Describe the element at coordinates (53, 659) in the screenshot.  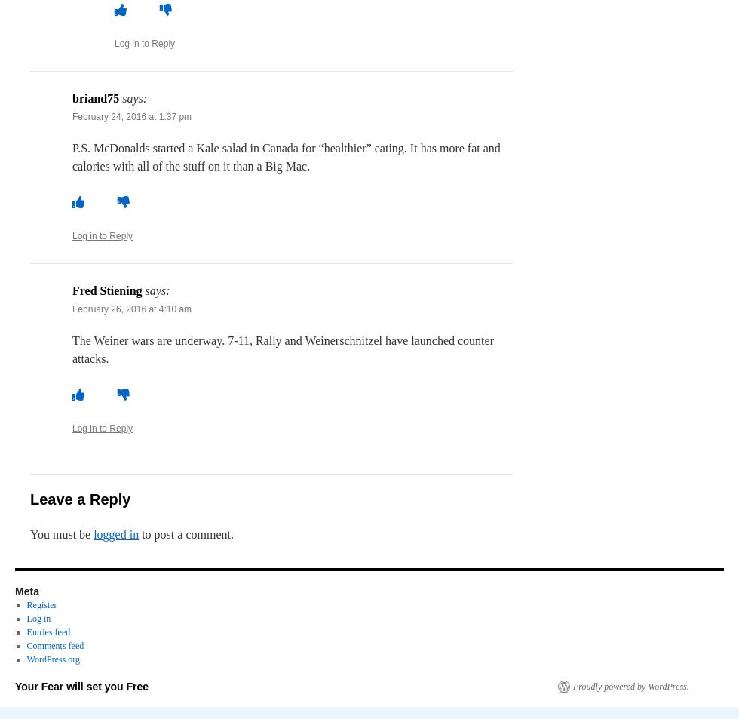
I see `'WordPress.org'` at that location.